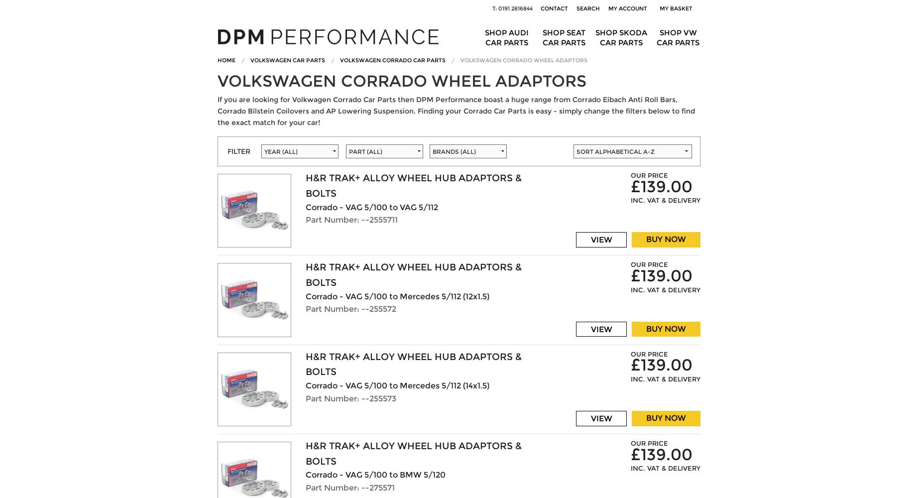  I want to click on 'Volkswagen Corrado Car Parts', so click(392, 59).